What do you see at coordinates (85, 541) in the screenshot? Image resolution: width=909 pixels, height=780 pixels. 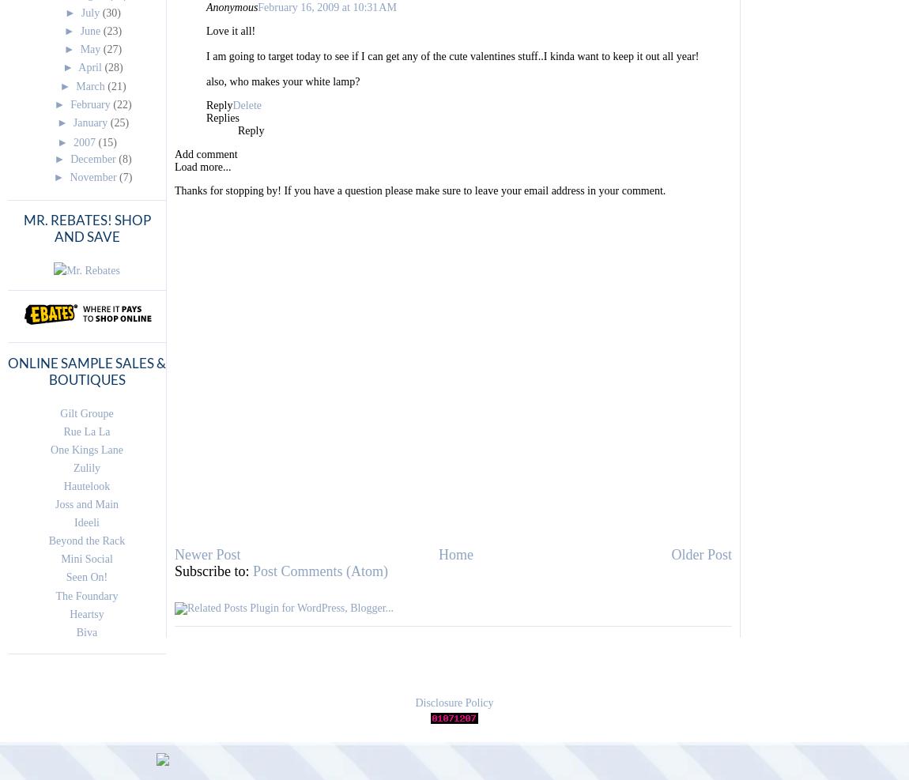 I see `'Beyond the Rack'` at bounding box center [85, 541].